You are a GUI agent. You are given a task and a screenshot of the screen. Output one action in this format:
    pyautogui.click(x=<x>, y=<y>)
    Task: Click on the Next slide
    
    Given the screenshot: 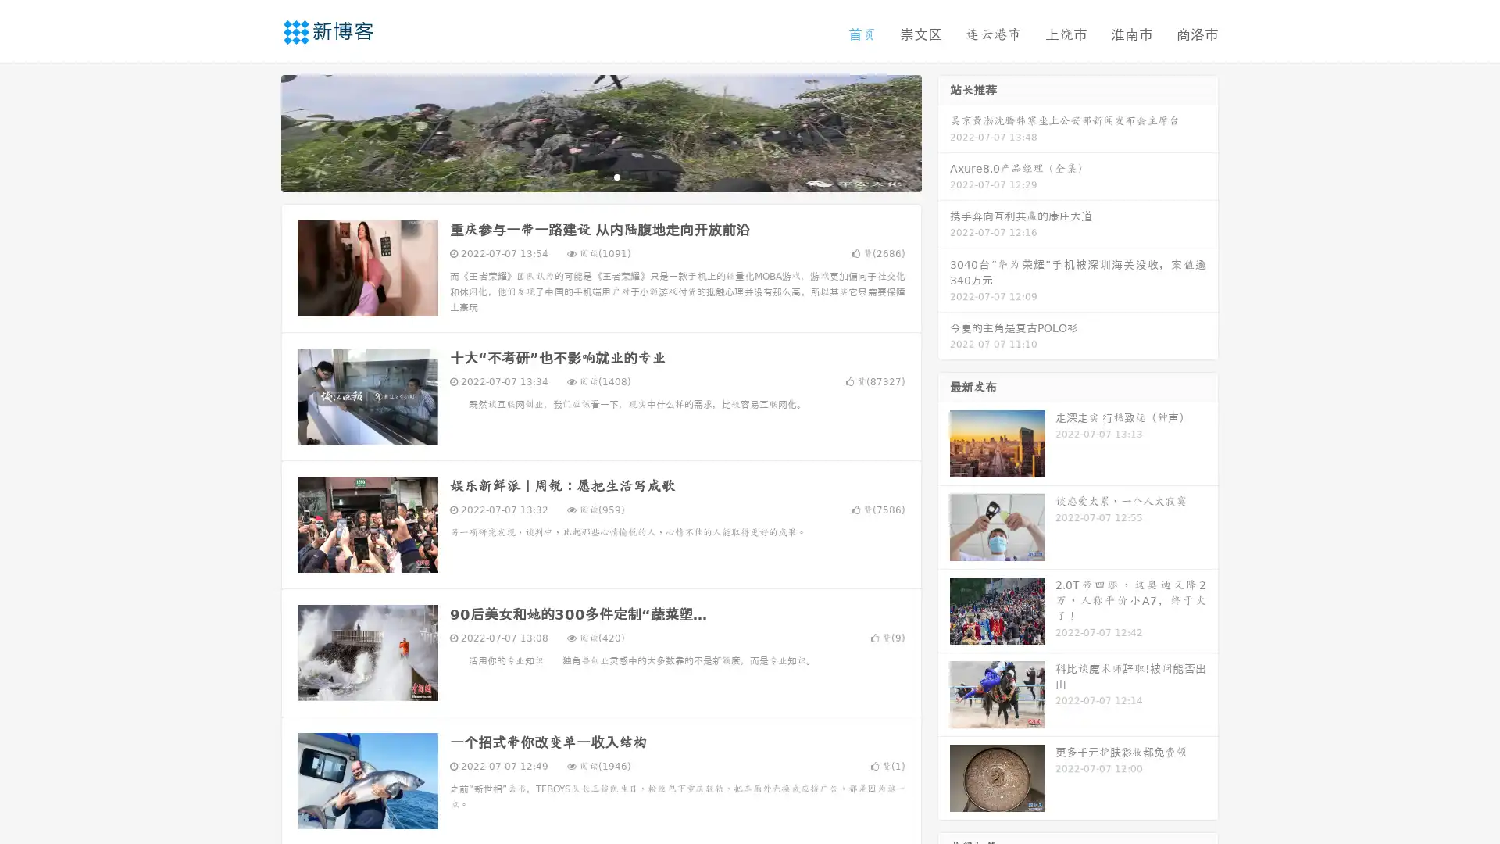 What is the action you would take?
    pyautogui.click(x=944, y=131)
    